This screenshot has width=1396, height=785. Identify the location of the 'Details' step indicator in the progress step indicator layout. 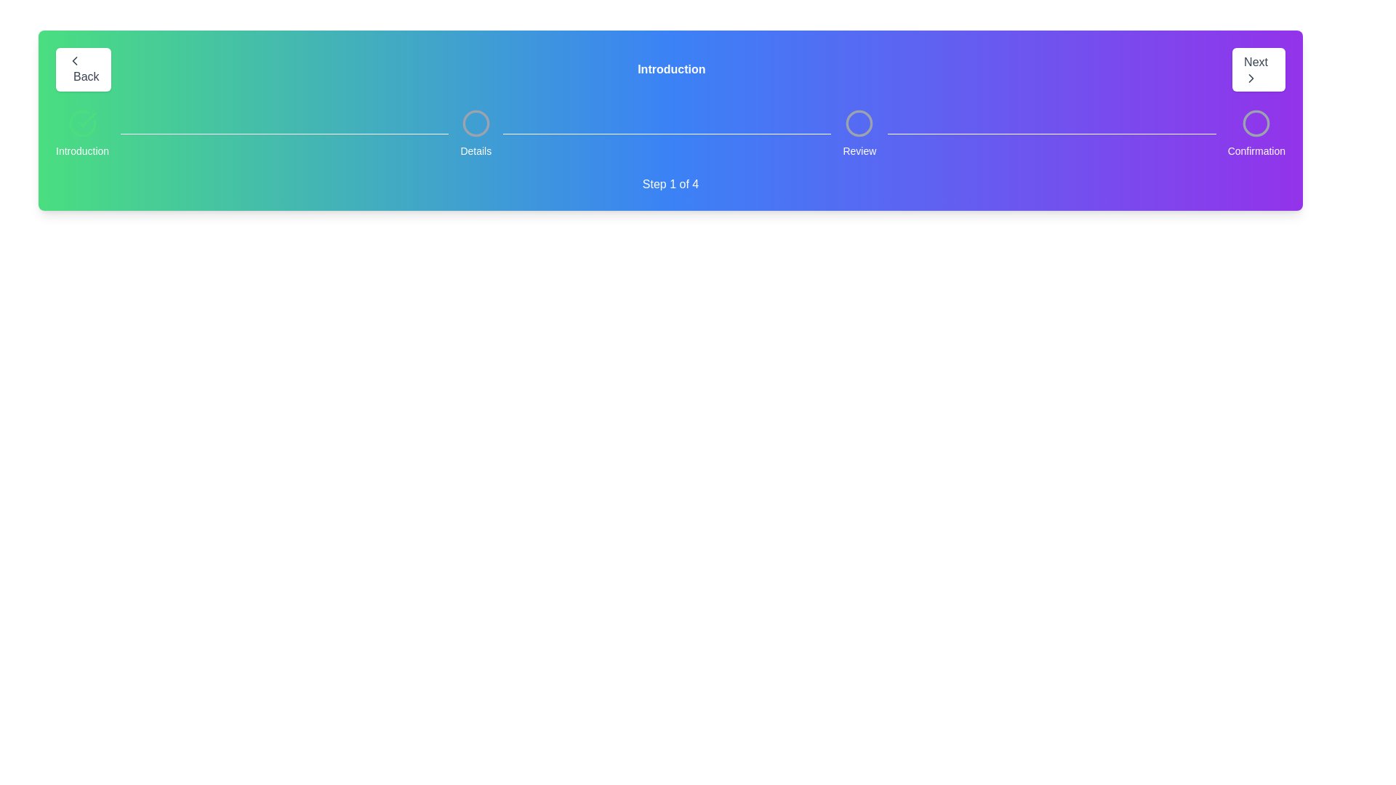
(476, 134).